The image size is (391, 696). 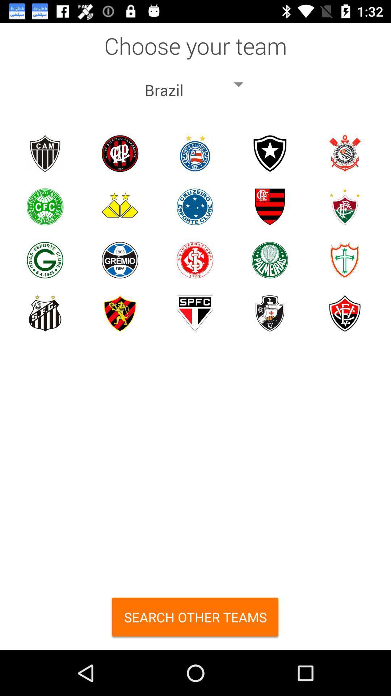 What do you see at coordinates (270, 313) in the screenshot?
I see `team selection` at bounding box center [270, 313].